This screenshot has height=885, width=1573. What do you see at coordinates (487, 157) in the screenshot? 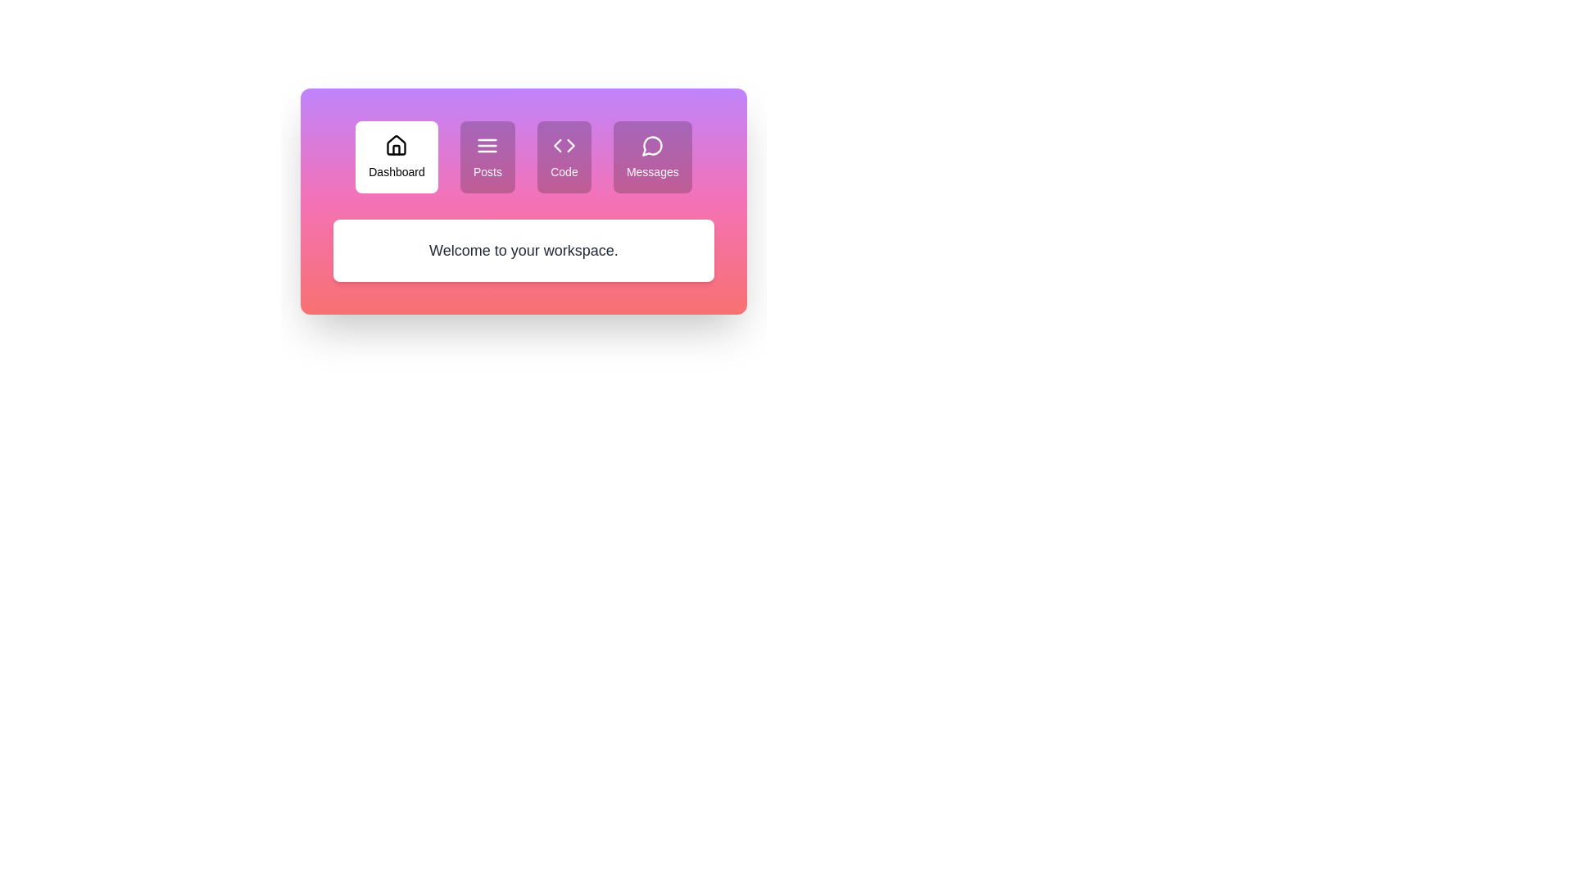
I see `the tab labeled Posts to navigate to its content` at bounding box center [487, 157].